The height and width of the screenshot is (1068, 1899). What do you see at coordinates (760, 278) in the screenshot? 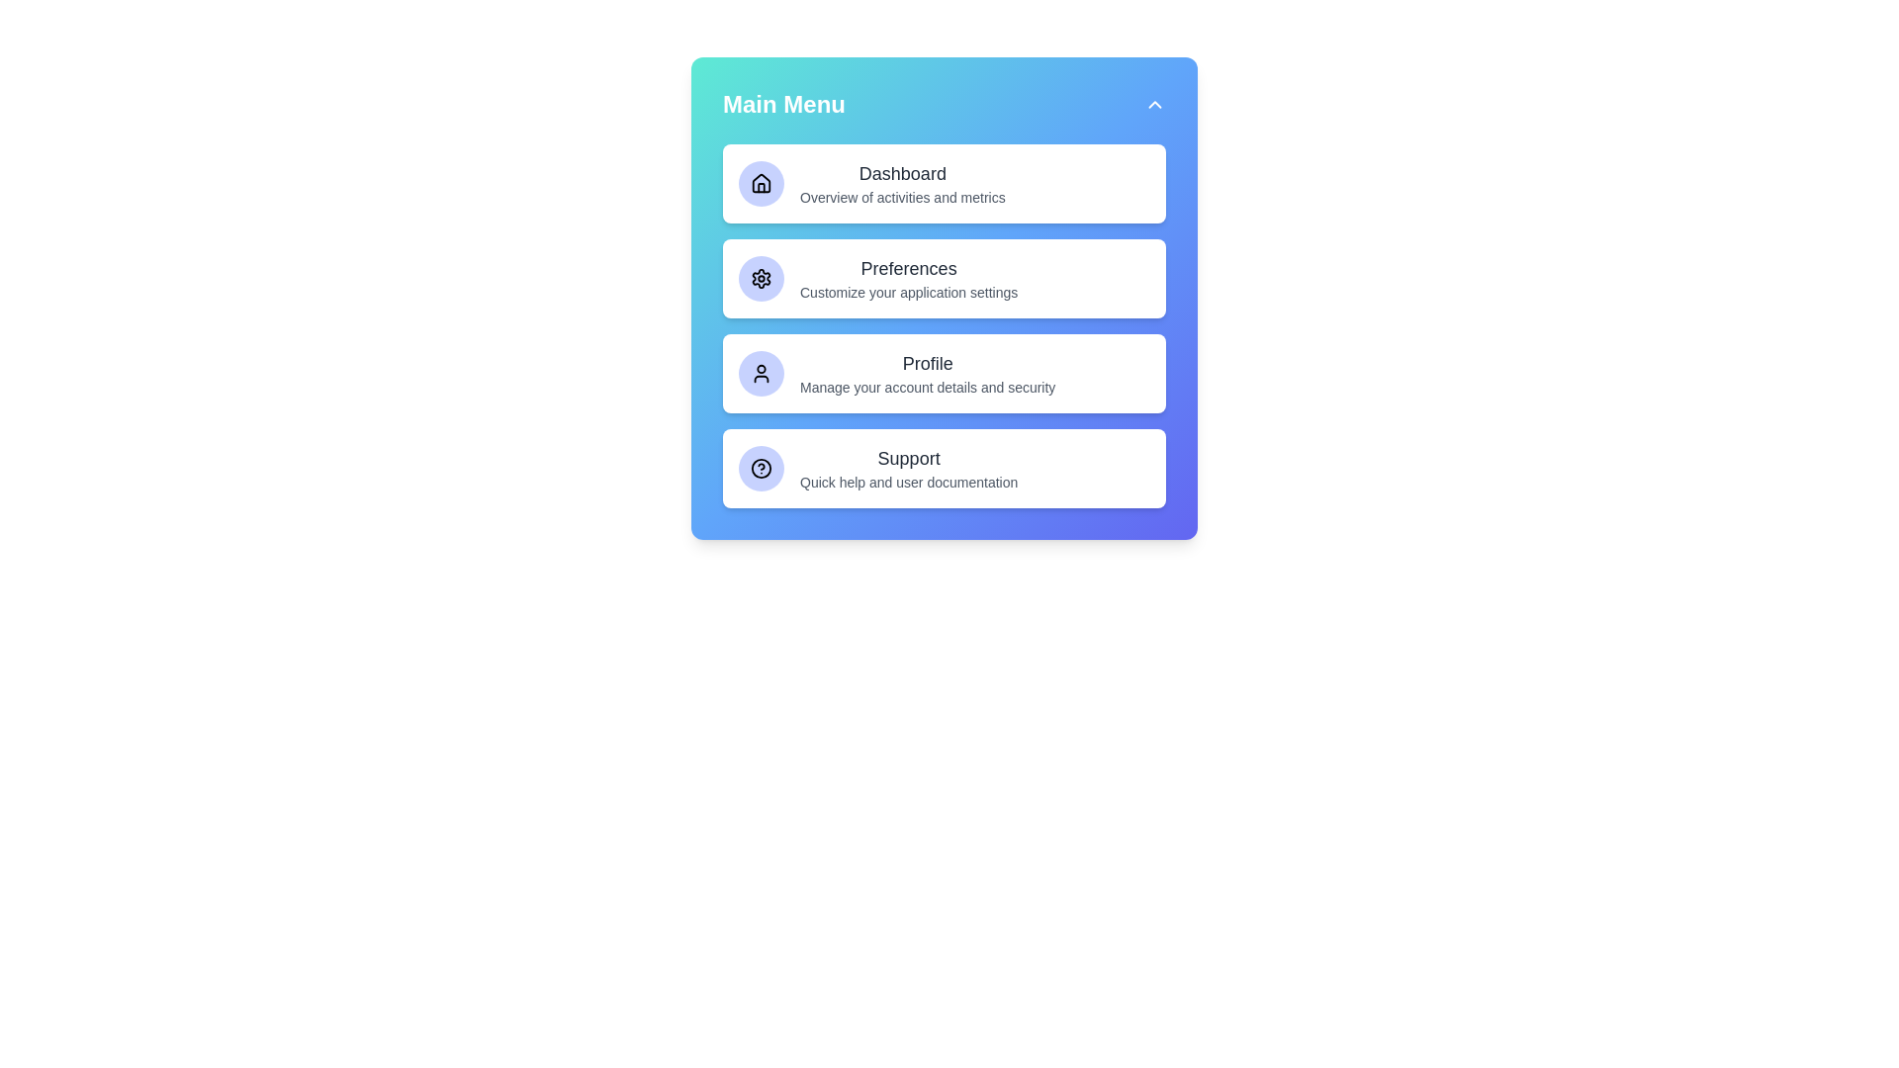
I see `the icon corresponding to the menu option Preferences` at bounding box center [760, 278].